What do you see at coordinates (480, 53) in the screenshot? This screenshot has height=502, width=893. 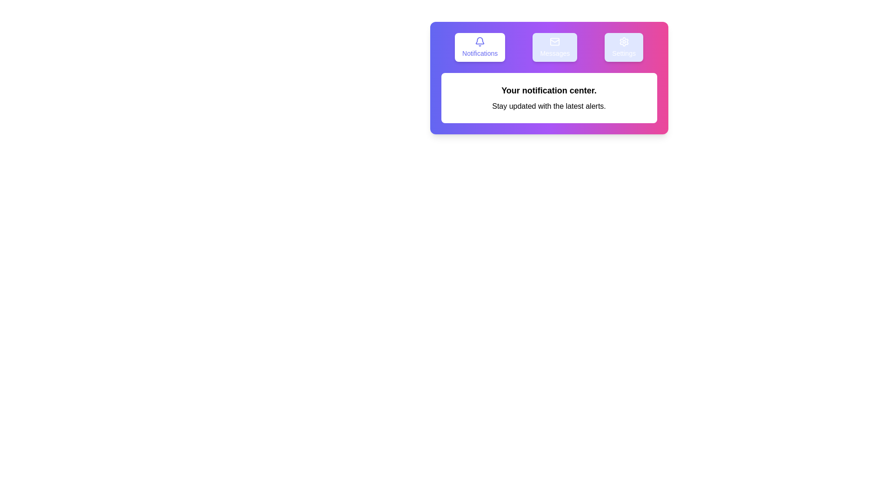 I see `the 'Notifications' label, which displays the text in a small bluish-purple font and is located under the bell icon in the Notifications button` at bounding box center [480, 53].